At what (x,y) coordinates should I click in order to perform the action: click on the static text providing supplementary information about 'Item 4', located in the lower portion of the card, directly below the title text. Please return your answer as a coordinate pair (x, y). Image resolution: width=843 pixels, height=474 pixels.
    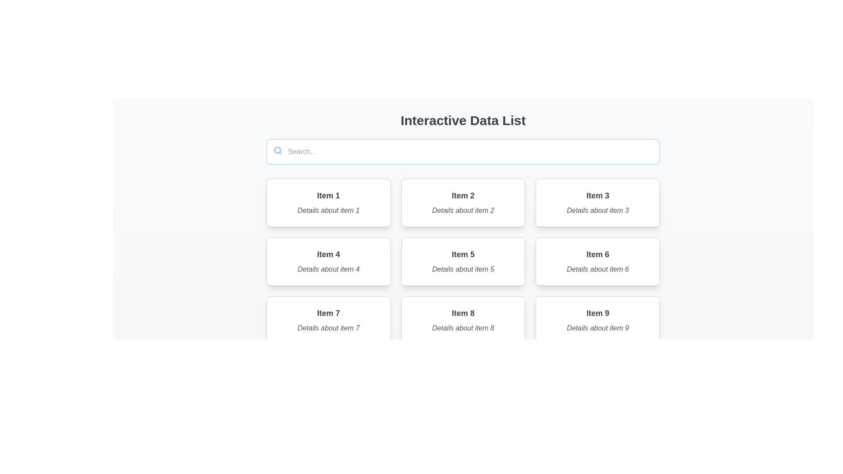
    Looking at the image, I should click on (328, 269).